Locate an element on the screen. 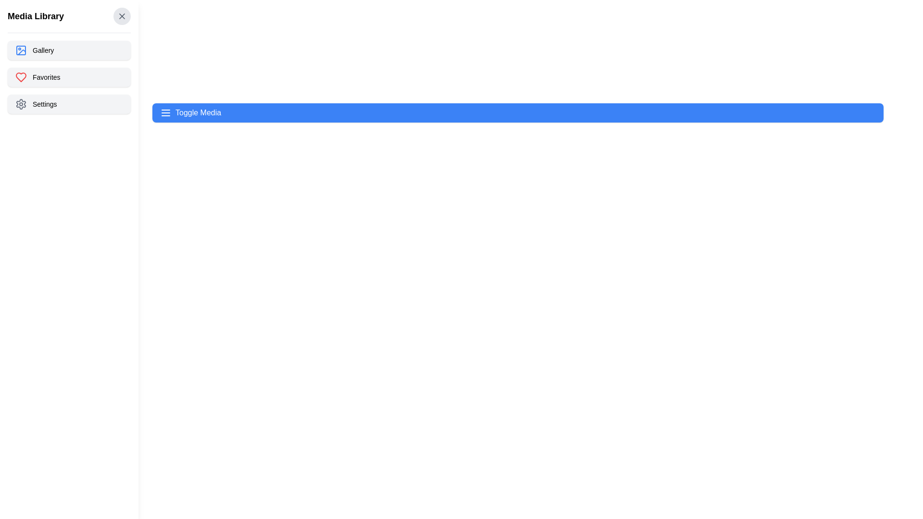 This screenshot has width=923, height=519. the 'Gallery' option to navigate to the gallery view is located at coordinates (69, 50).